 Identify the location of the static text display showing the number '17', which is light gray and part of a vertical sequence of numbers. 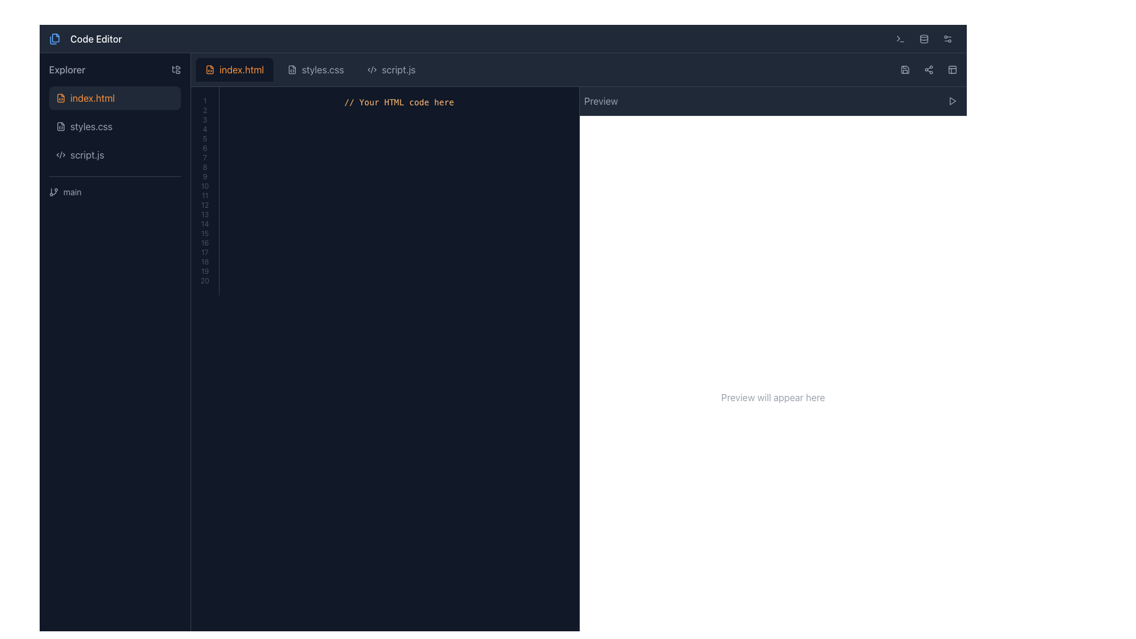
(205, 252).